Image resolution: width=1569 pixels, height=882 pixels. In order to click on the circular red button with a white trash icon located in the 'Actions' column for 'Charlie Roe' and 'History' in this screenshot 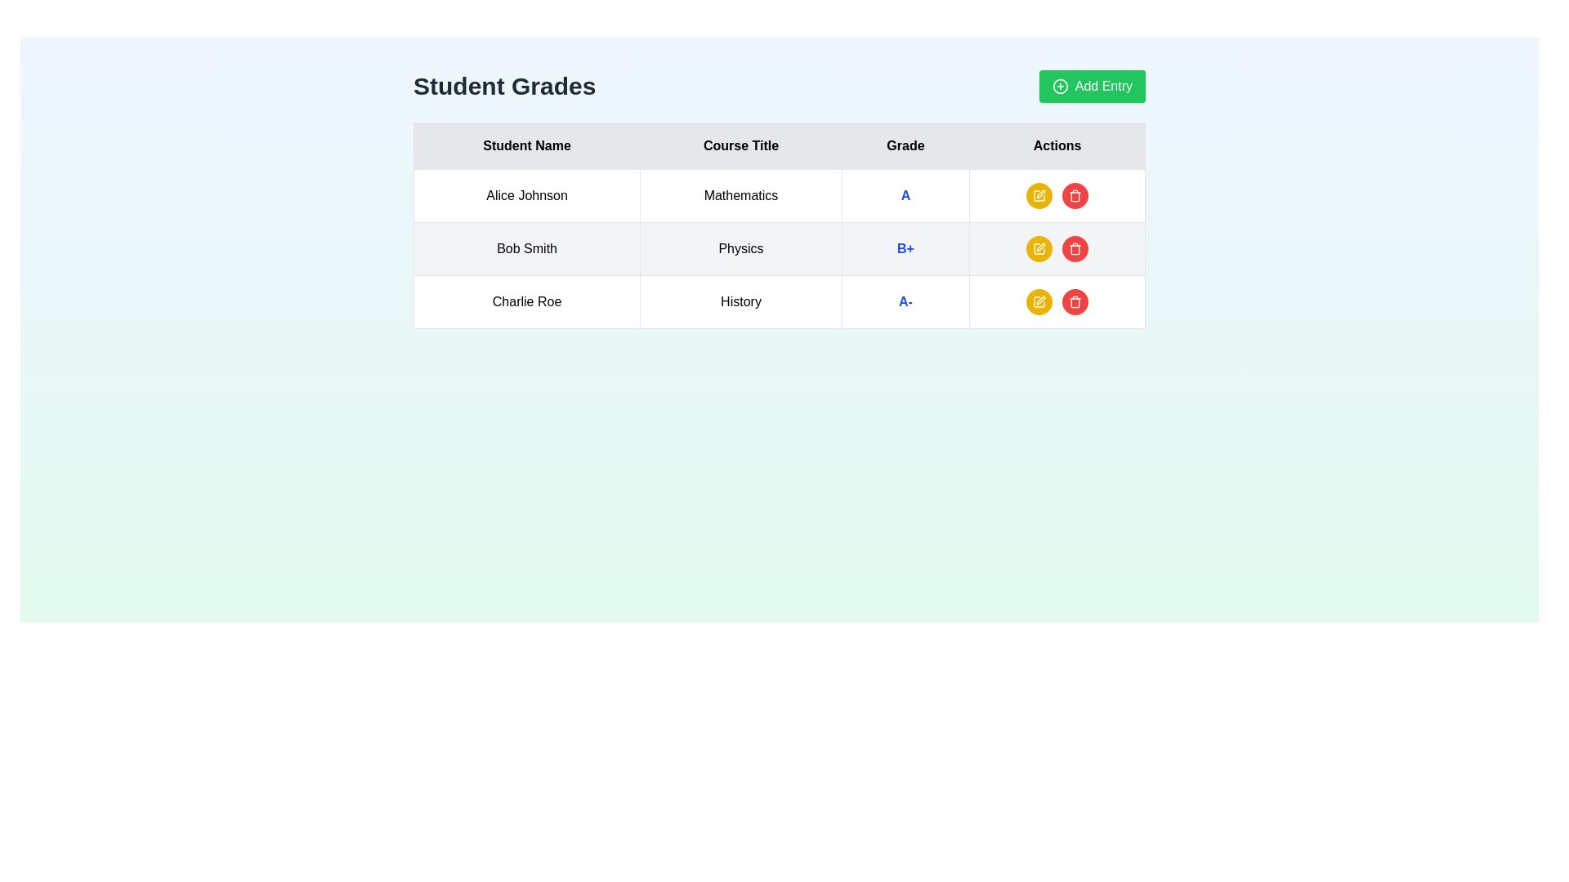, I will do `click(1075, 302)`.